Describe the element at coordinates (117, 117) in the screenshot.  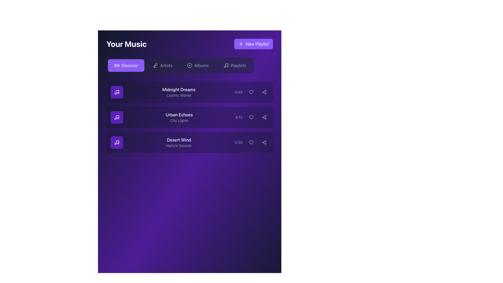
I see `the music-related icon located to the left of the text 'Urban Echoes' in the second music card of the playlist display` at that location.